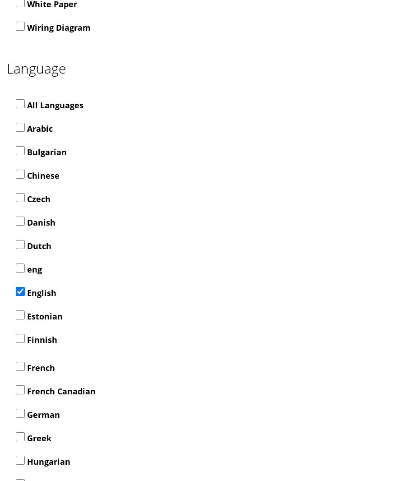 The width and height of the screenshot is (406, 481). Describe the element at coordinates (47, 461) in the screenshot. I see `'Hungarian'` at that location.